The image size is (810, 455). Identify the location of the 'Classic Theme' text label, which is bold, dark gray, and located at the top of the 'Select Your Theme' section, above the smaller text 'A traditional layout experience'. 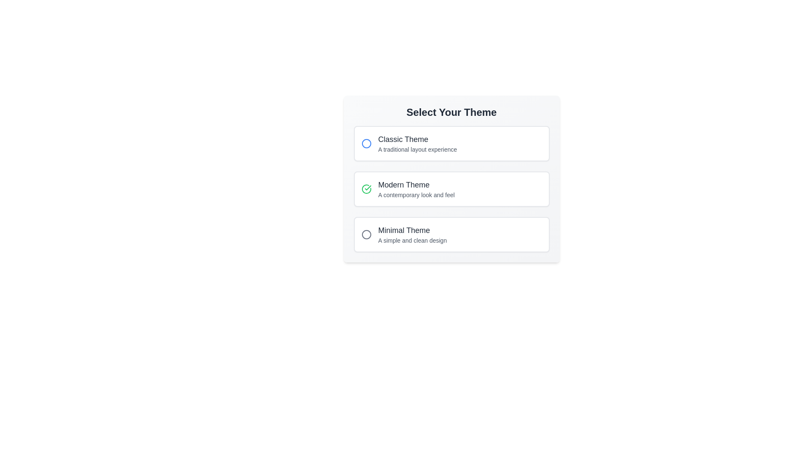
(417, 139).